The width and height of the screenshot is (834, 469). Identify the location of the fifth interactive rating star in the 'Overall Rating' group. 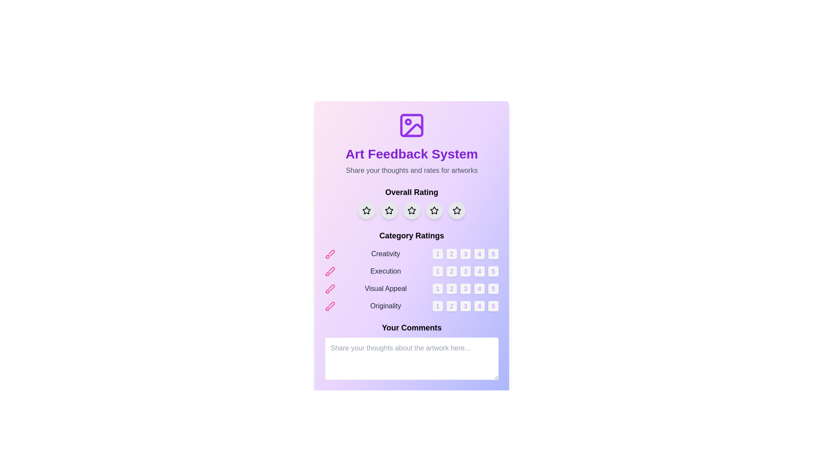
(456, 210).